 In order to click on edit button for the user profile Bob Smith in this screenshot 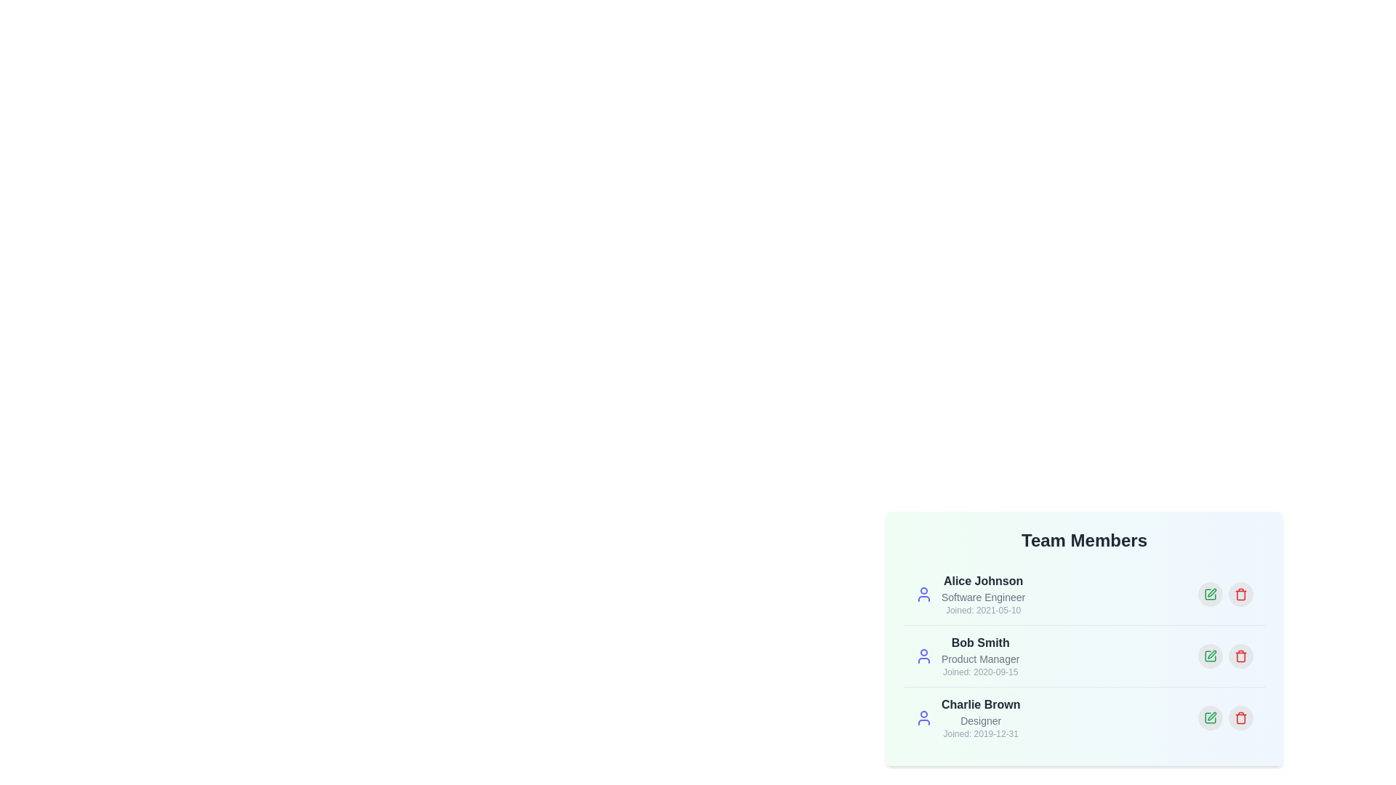, I will do `click(1211, 656)`.